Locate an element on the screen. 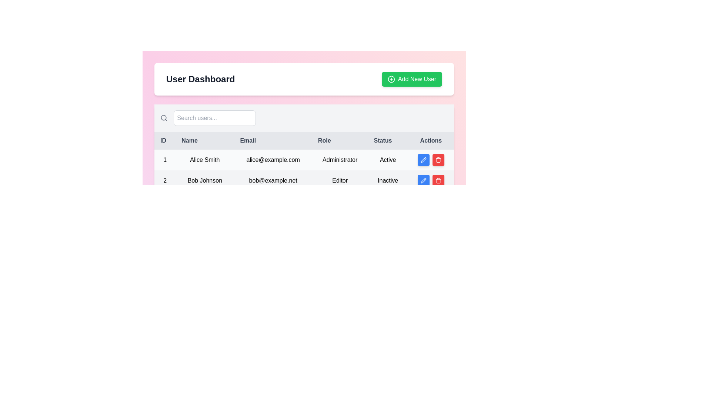 This screenshot has width=711, height=400. the text label displaying the email address 'alice@example.com' located in the third column of the user information table, under the 'Email' header is located at coordinates (273, 160).